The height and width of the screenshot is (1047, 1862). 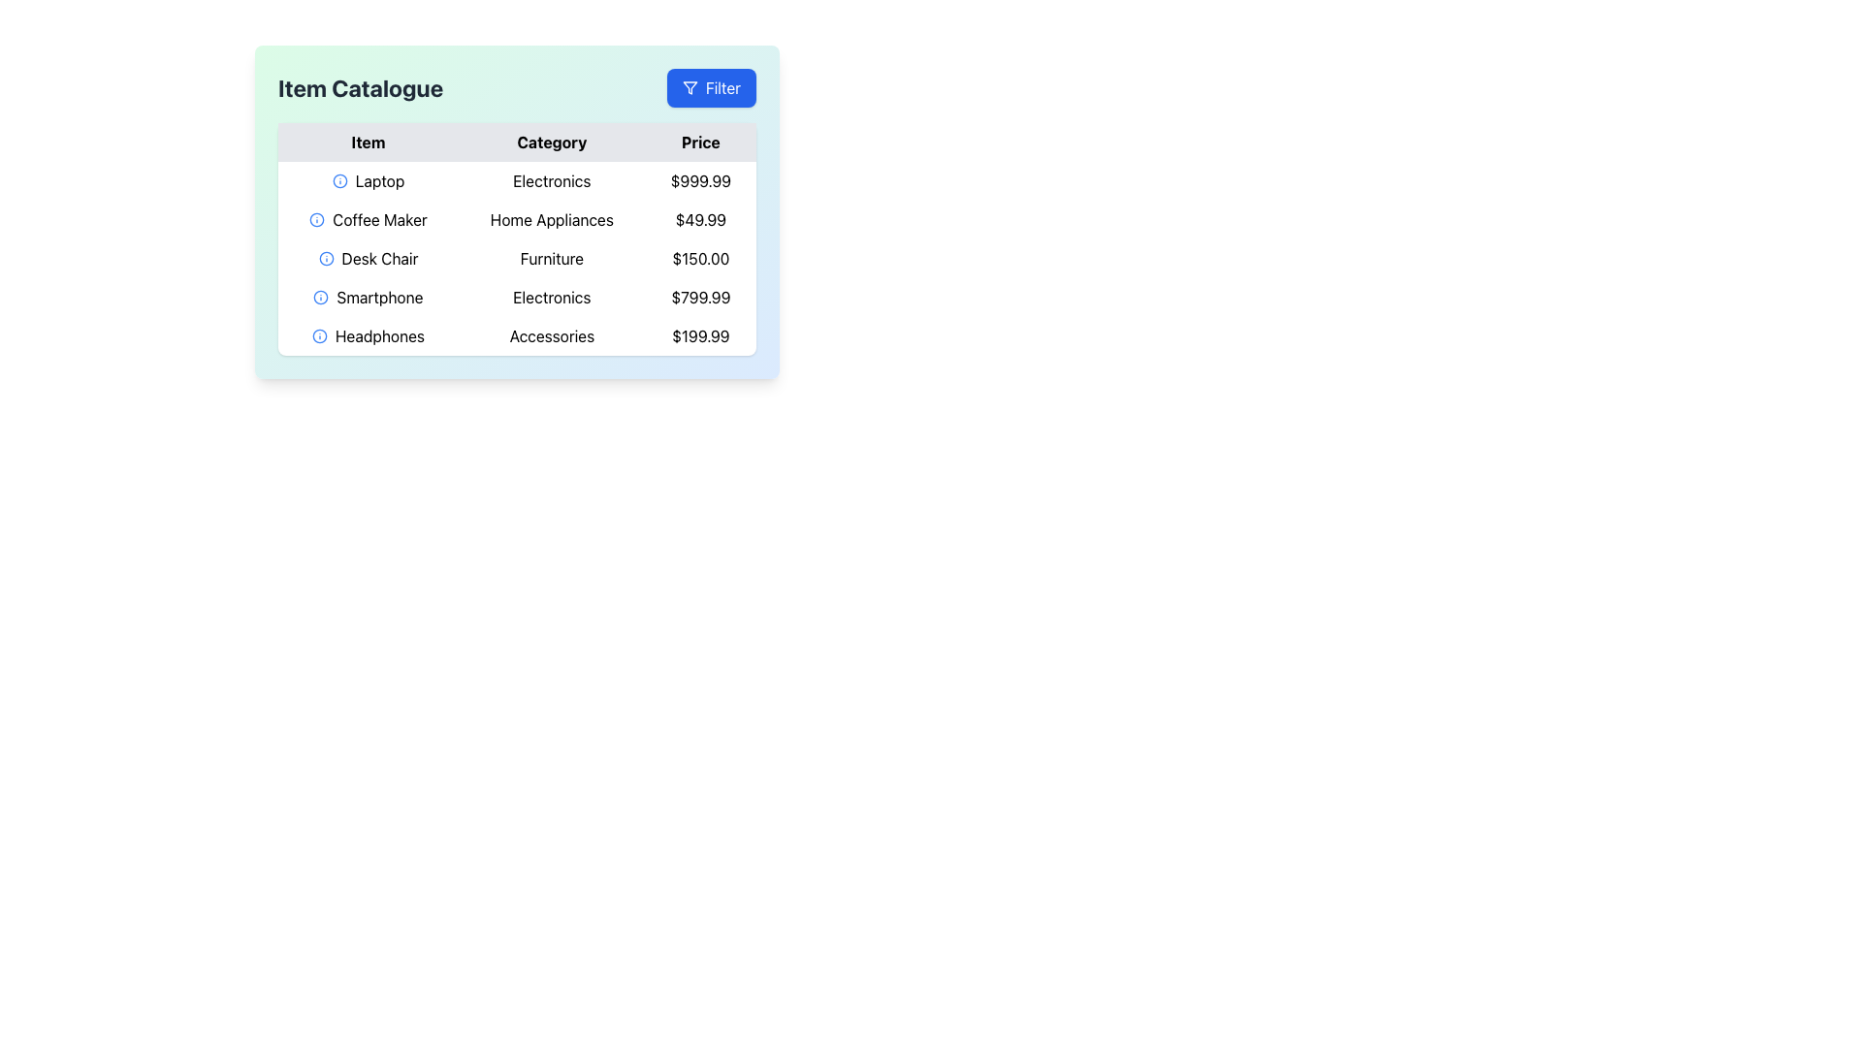 I want to click on the Text Label that serves as a category label for the 'Desk Chair' item in the table, positioned between 'Desk Chair' and '$150.00', so click(x=551, y=257).